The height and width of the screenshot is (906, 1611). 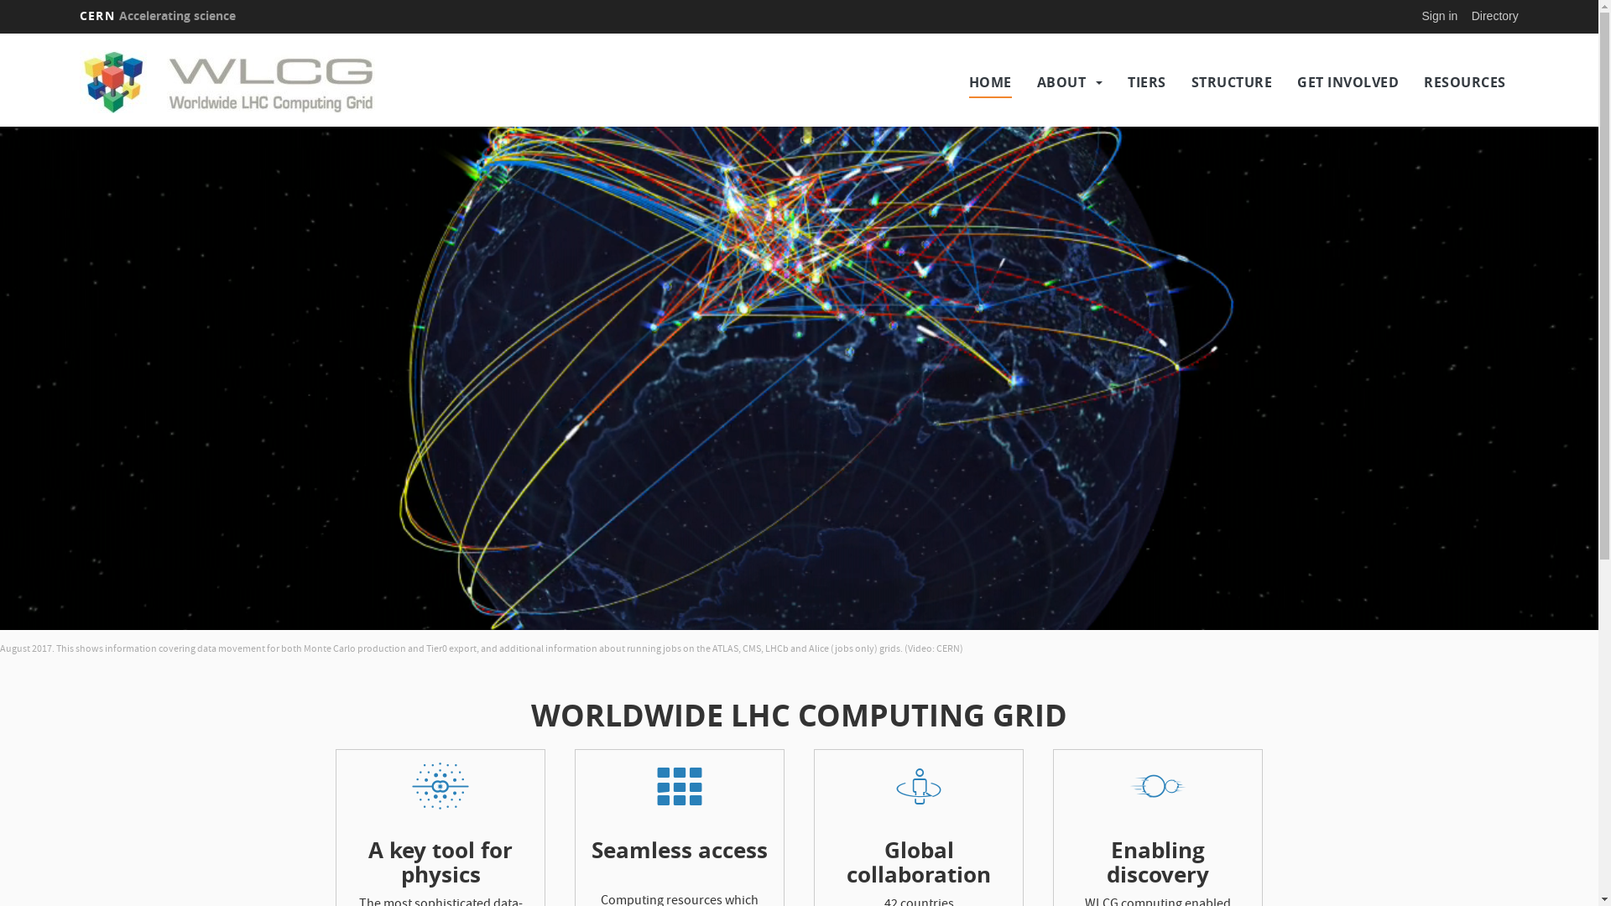 I want to click on 'TIERS', so click(x=1128, y=81).